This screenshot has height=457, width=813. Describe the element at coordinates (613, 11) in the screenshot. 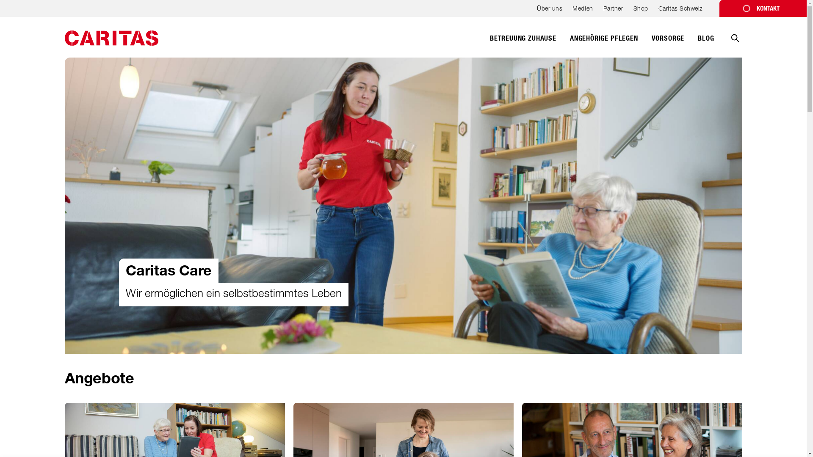

I see `'Partner'` at that location.